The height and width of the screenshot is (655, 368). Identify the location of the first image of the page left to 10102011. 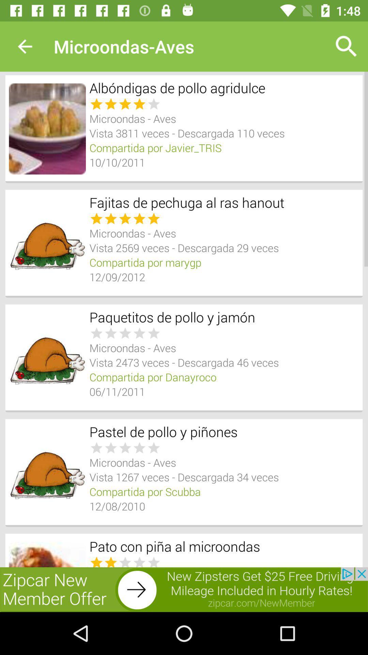
(47, 129).